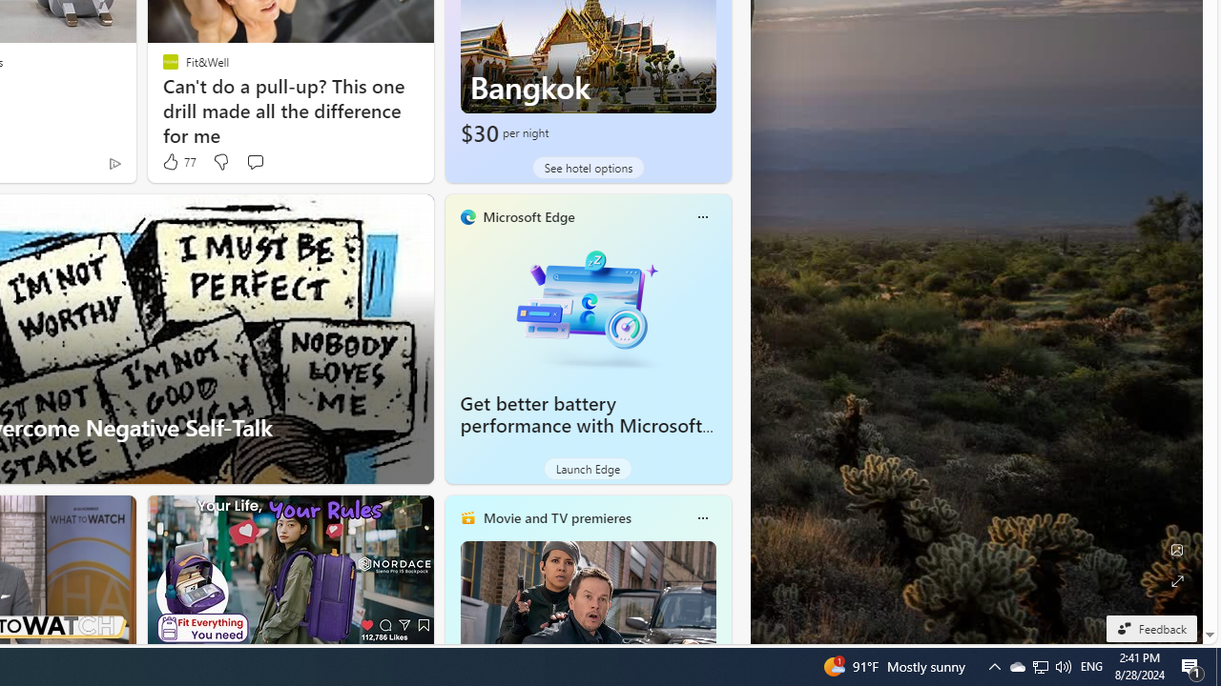 This screenshot has width=1221, height=686. What do you see at coordinates (254, 160) in the screenshot?
I see `'Start the conversation'` at bounding box center [254, 160].